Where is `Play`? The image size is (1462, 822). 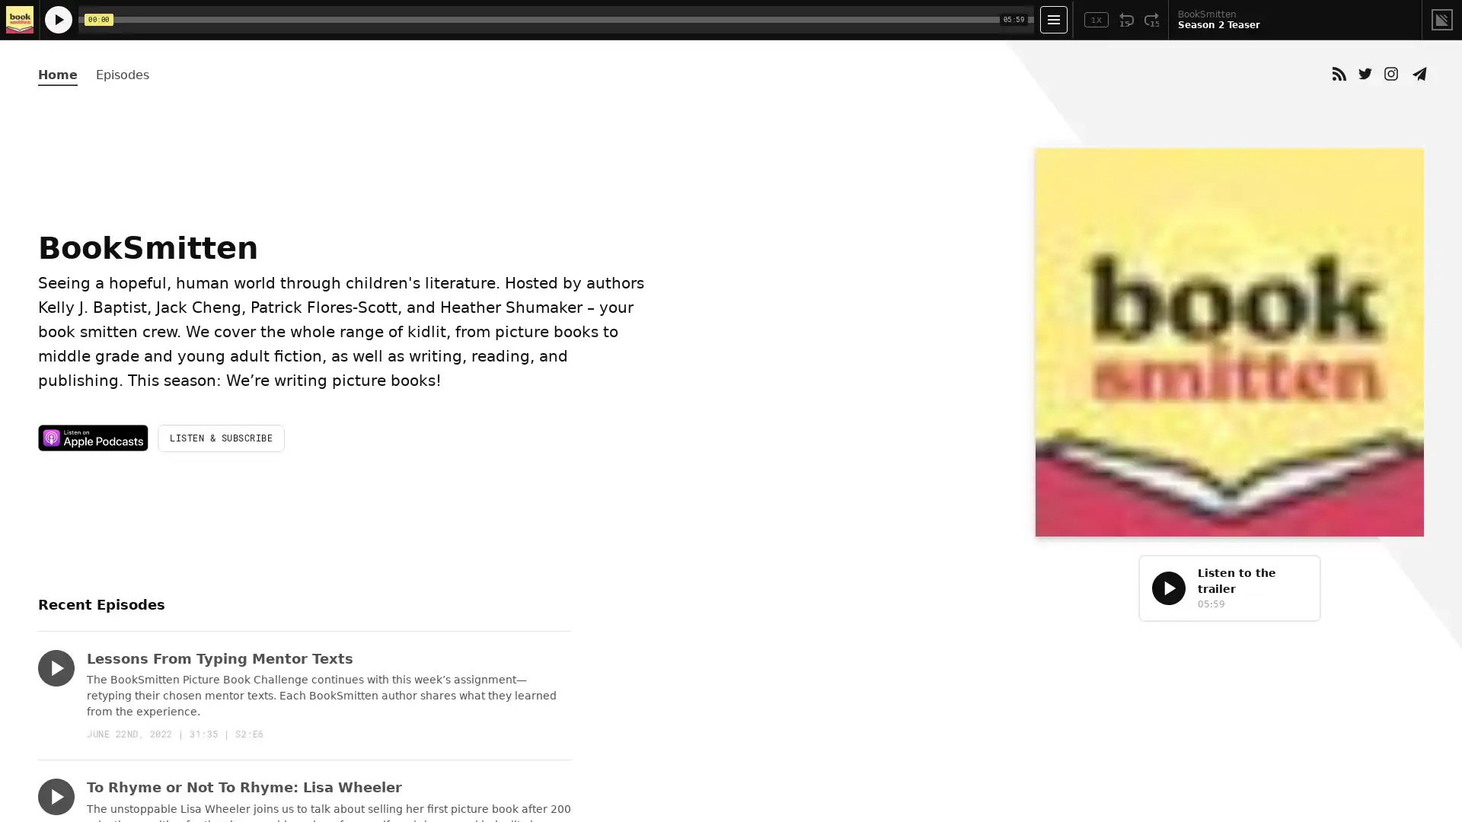 Play is located at coordinates (1167, 587).